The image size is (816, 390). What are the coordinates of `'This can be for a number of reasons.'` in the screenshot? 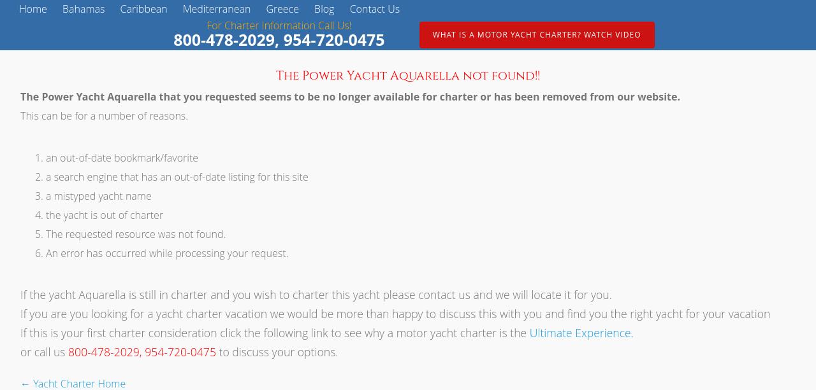 It's located at (104, 115).